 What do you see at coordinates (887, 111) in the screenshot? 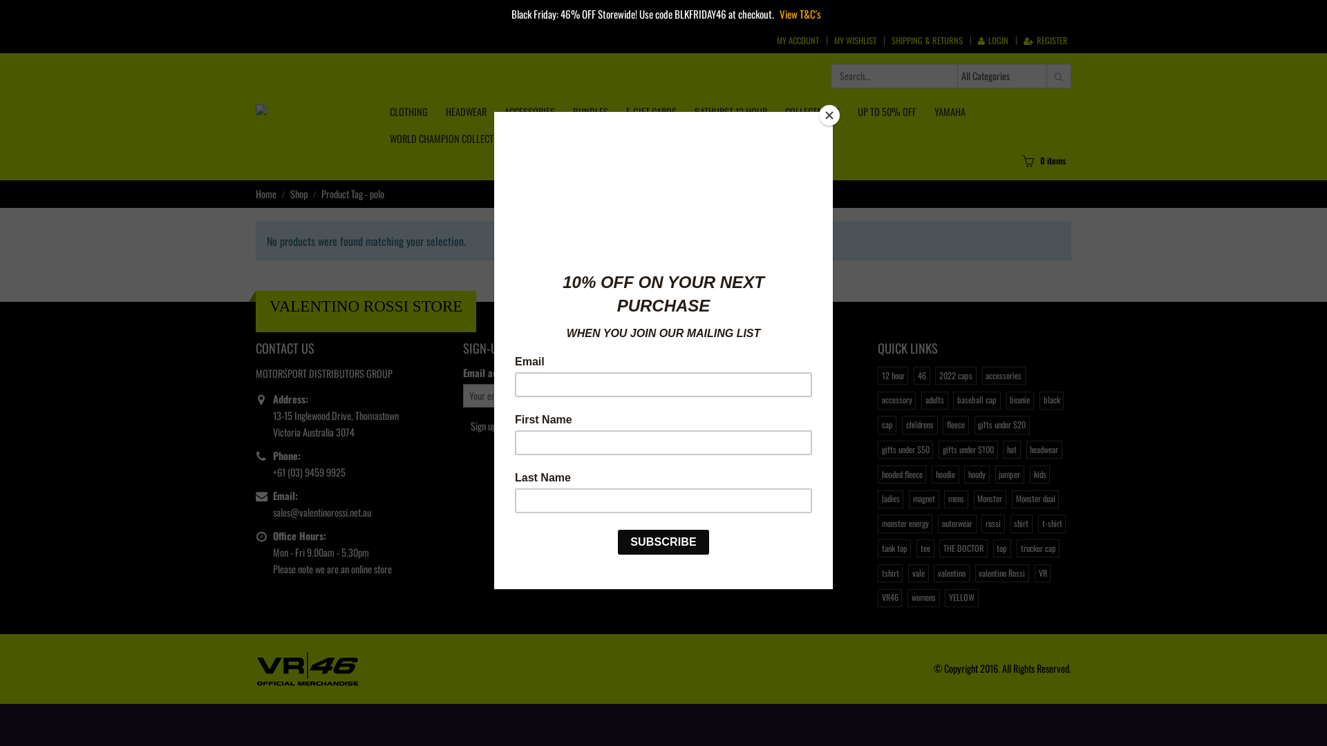
I see `'UP TO 50% OFF'` at bounding box center [887, 111].